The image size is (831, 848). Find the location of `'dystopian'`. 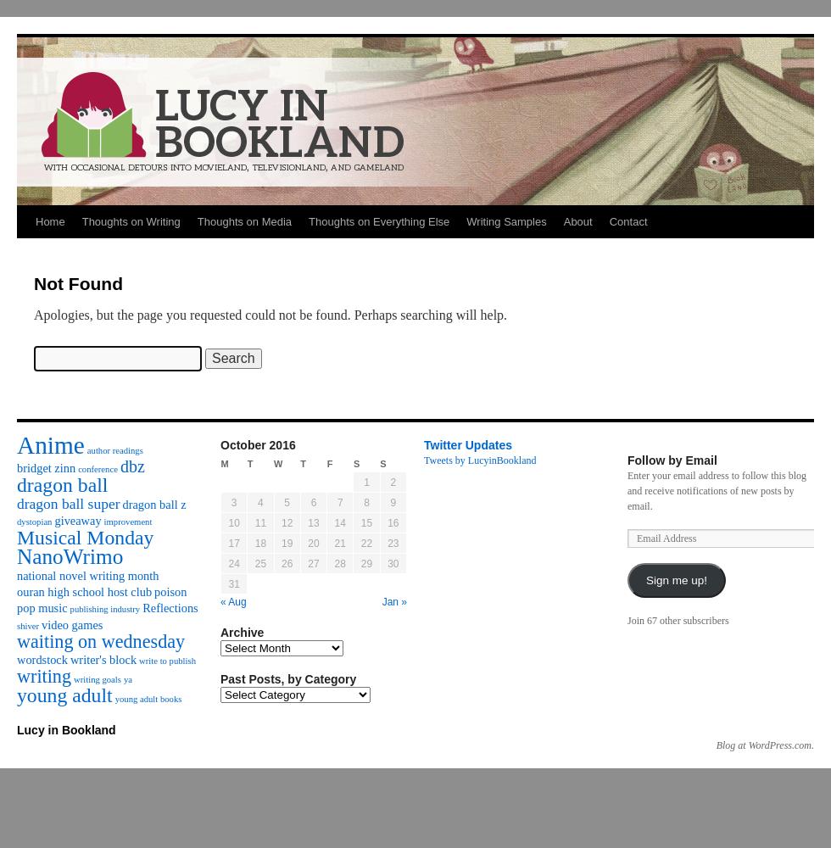

'dystopian' is located at coordinates (34, 521).